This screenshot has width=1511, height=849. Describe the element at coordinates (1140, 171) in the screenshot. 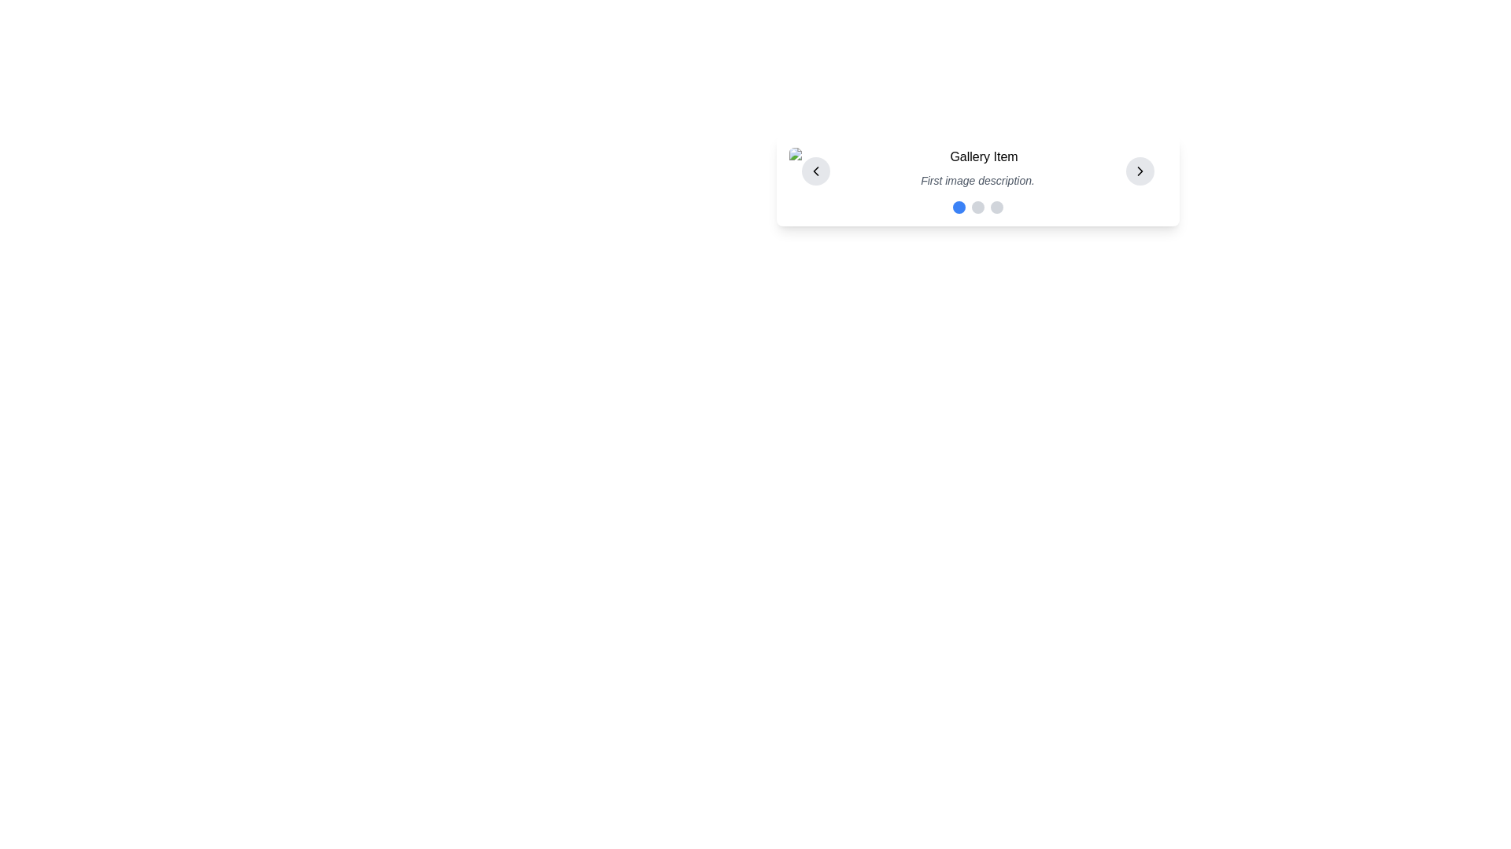

I see `the right-pointing chevron arrow icon inside the circular button with a light gray background located in the top-right corner of the card interface` at that location.